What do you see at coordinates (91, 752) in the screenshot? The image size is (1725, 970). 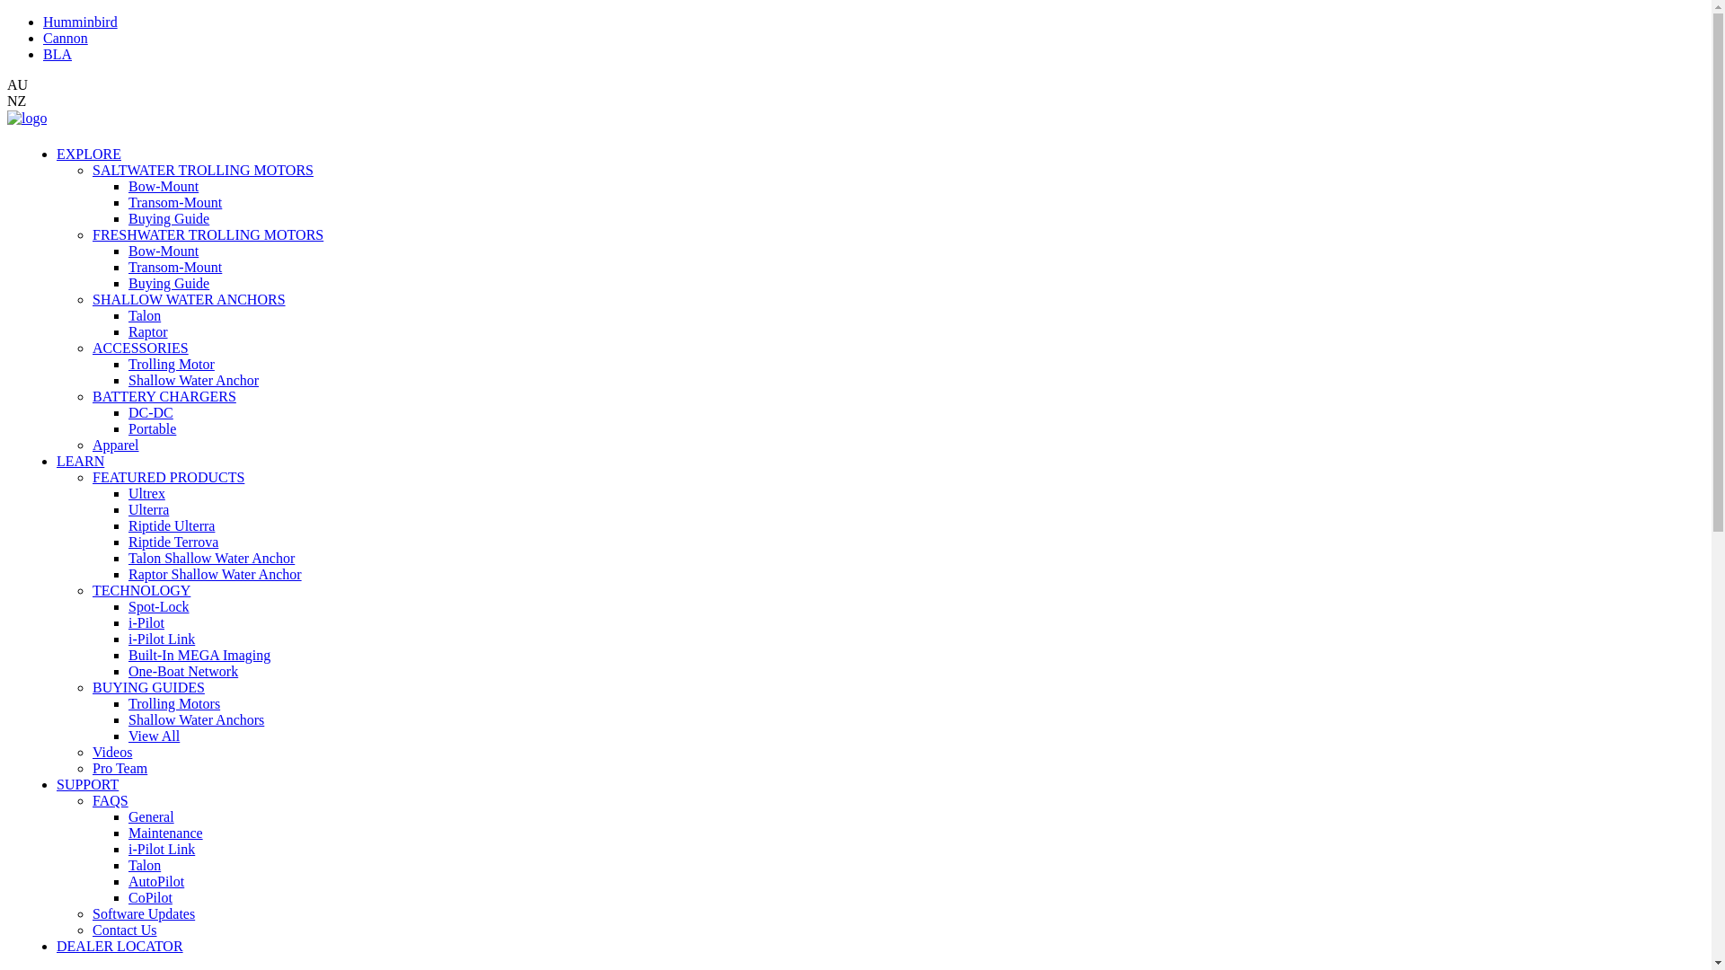 I see `'Videos'` at bounding box center [91, 752].